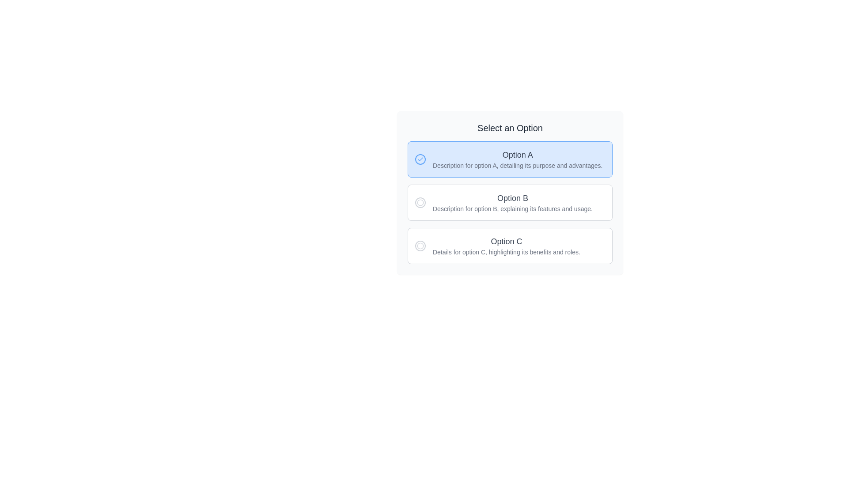 Image resolution: width=848 pixels, height=477 pixels. I want to click on the circular icon with a thin gray border and hollow center, which is the central feature of option C in the list, so click(420, 246).